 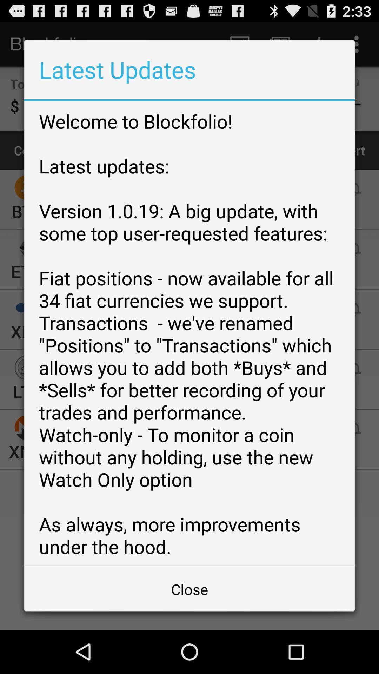 I want to click on app below the welcome to blockfolio app, so click(x=189, y=589).